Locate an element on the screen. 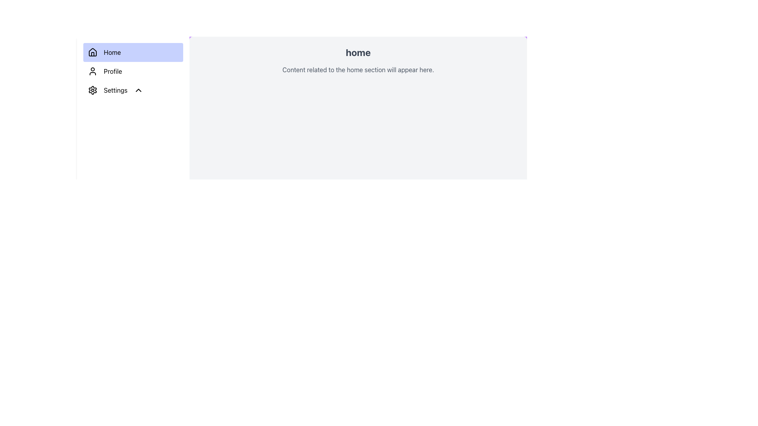 The image size is (758, 426). text of the Text Label element labeled 'home', which is positioned at the upper area of the central content panel is located at coordinates (358, 52).